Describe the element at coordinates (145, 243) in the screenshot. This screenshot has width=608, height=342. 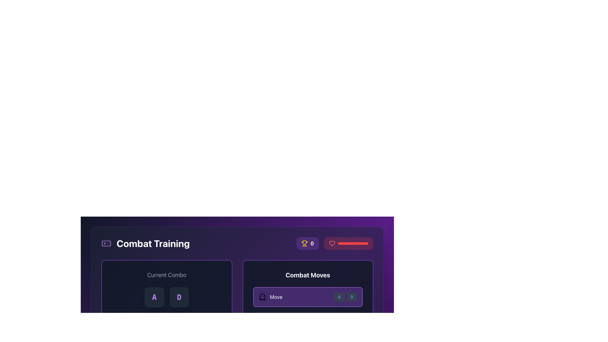
I see `the 'Combat Training' header or title element located at the top-left of the interface for navigation or interaction` at that location.